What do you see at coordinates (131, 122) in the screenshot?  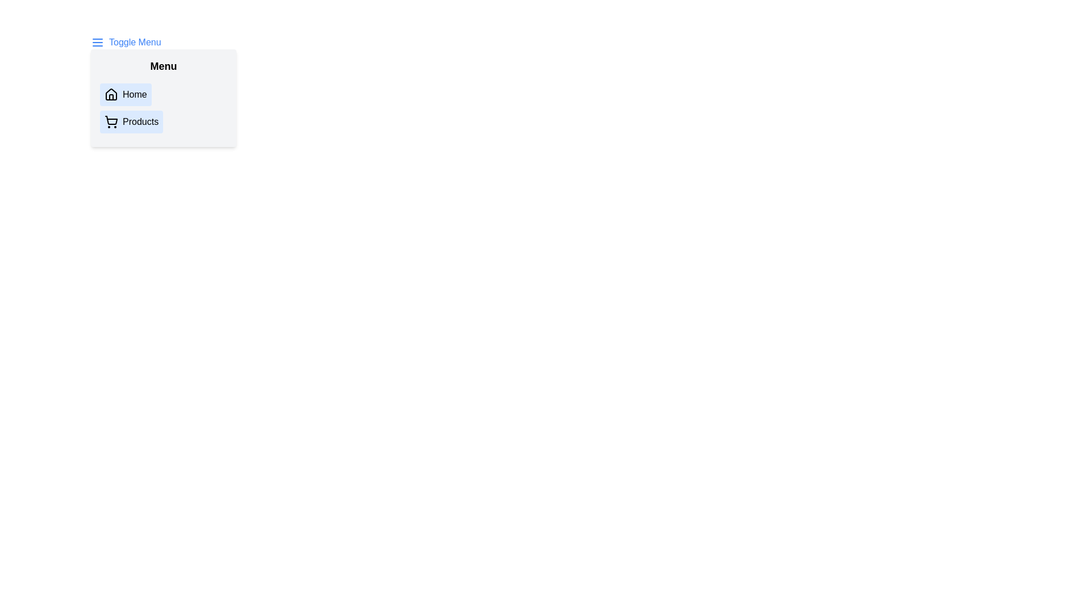 I see `the 'Products' button` at bounding box center [131, 122].